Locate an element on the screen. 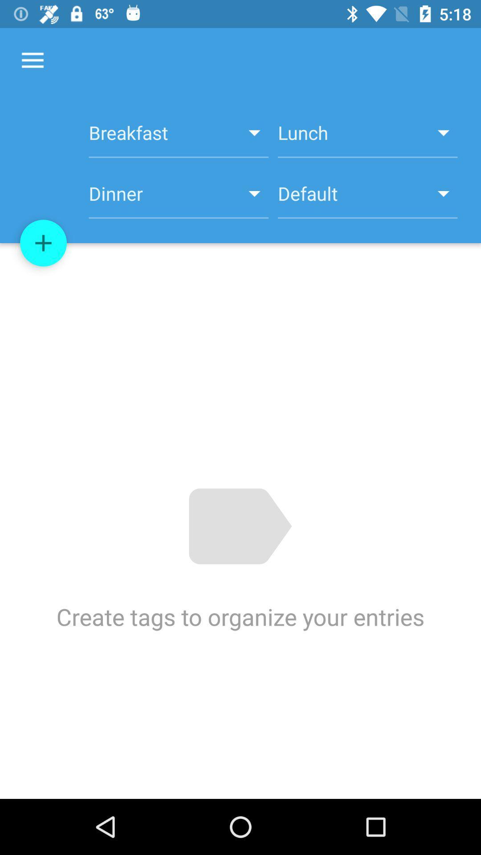 The image size is (481, 855). default is located at coordinates (367, 198).